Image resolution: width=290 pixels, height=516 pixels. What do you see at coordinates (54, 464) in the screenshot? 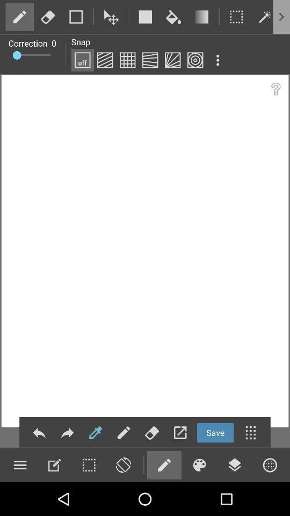
I see `the edit icon` at bounding box center [54, 464].